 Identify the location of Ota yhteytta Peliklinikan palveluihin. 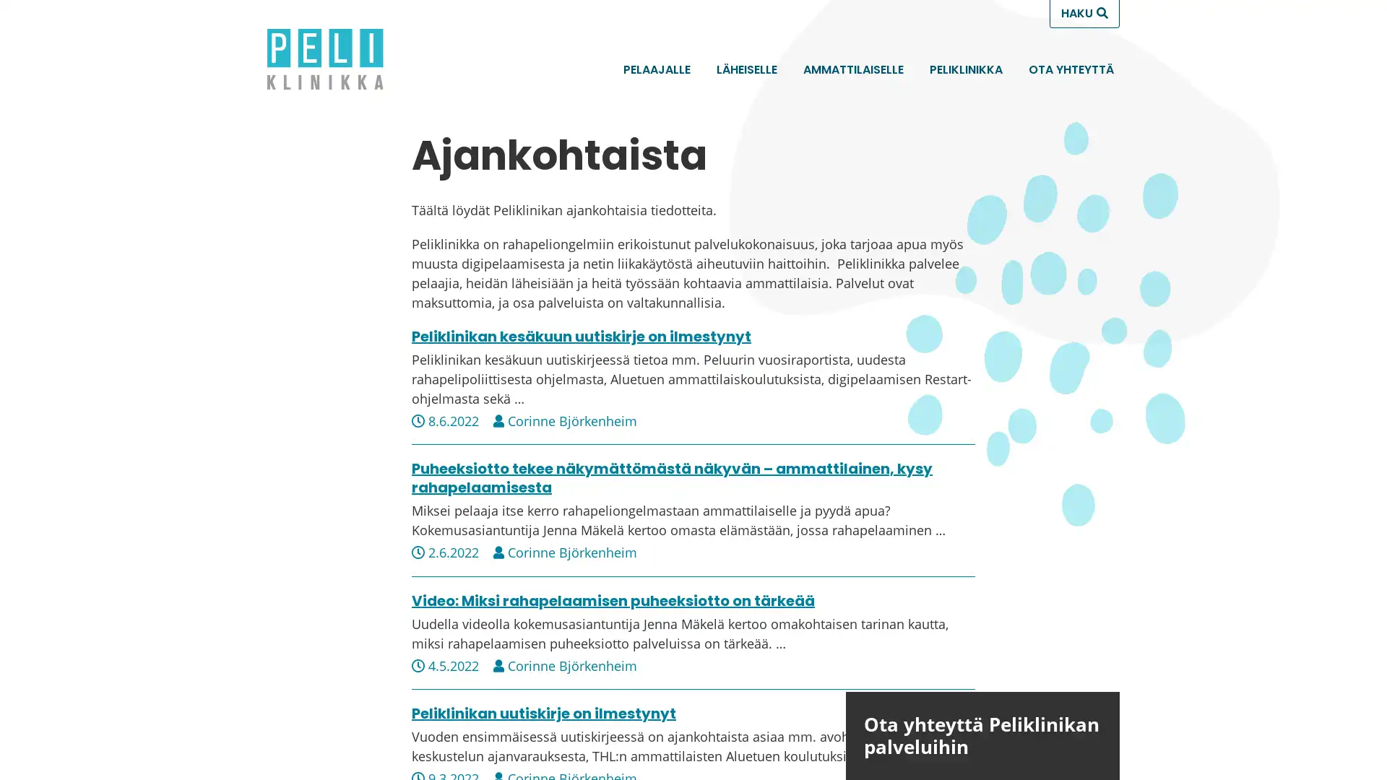
(982, 735).